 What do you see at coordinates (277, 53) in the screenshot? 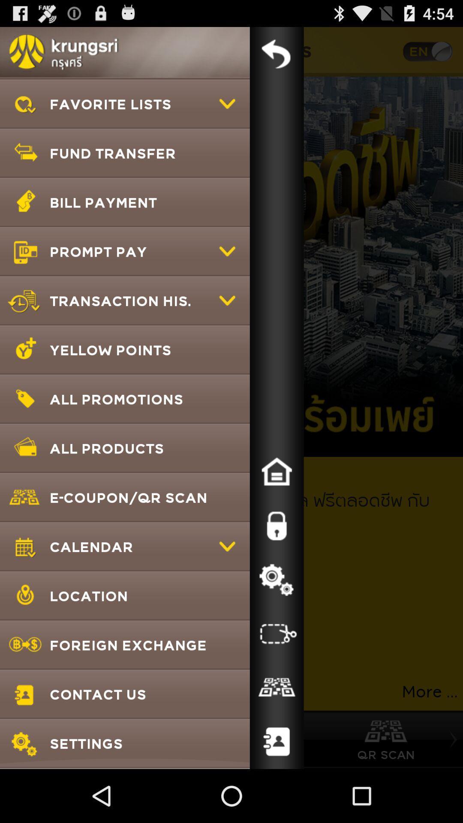
I see `menu` at bounding box center [277, 53].